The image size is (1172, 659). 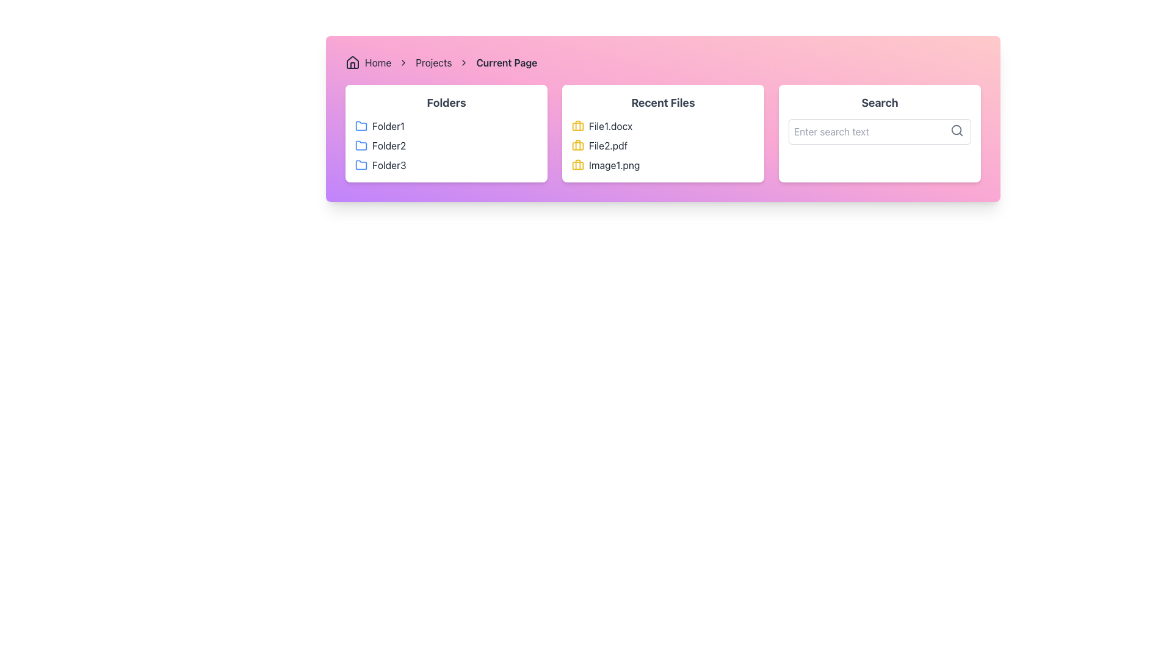 What do you see at coordinates (662, 145) in the screenshot?
I see `the List Item displaying 'File2.pdf' with a yellow briefcase icon, located in the Recent Files section` at bounding box center [662, 145].